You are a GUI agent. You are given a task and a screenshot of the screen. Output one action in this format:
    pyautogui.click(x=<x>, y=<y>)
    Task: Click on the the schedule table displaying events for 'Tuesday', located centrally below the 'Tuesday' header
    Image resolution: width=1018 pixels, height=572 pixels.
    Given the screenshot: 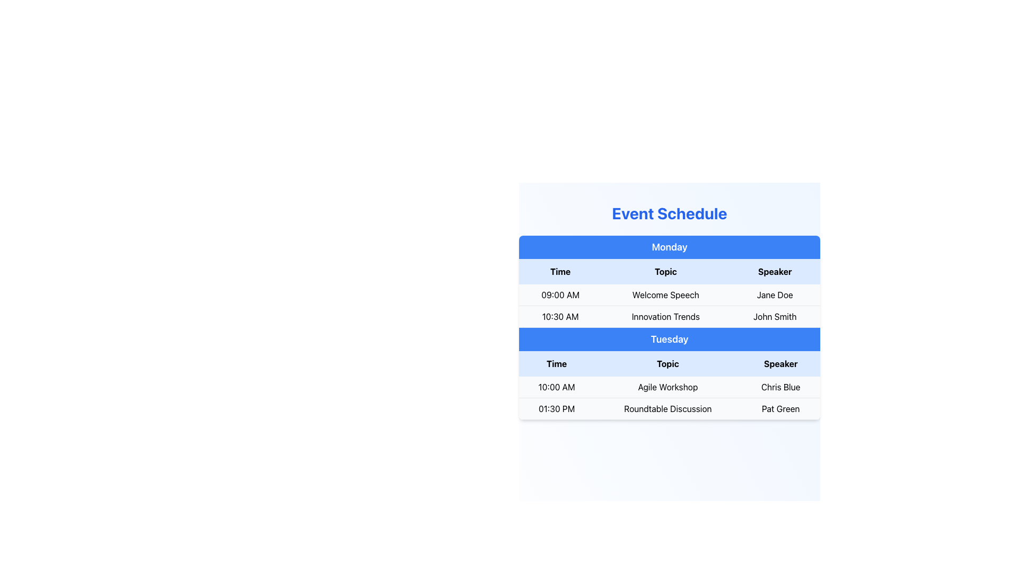 What is the action you would take?
    pyautogui.click(x=669, y=386)
    